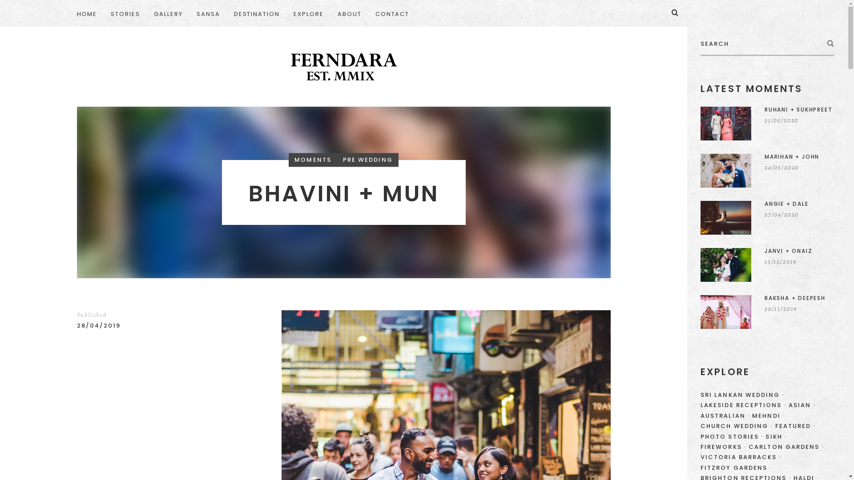  Describe the element at coordinates (330, 13) in the screenshot. I see `'ABOUT'` at that location.